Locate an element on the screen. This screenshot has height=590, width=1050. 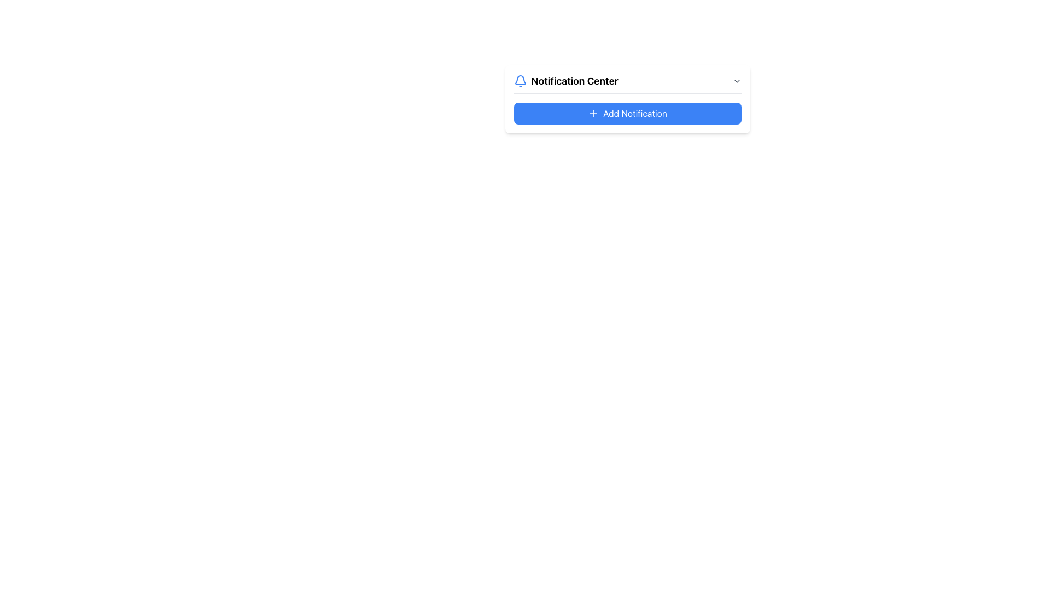
the blue 'Add Notification' button with rounded corners located at the bottom of the 'Notification Center' card to observe hover effects is located at coordinates (627, 114).